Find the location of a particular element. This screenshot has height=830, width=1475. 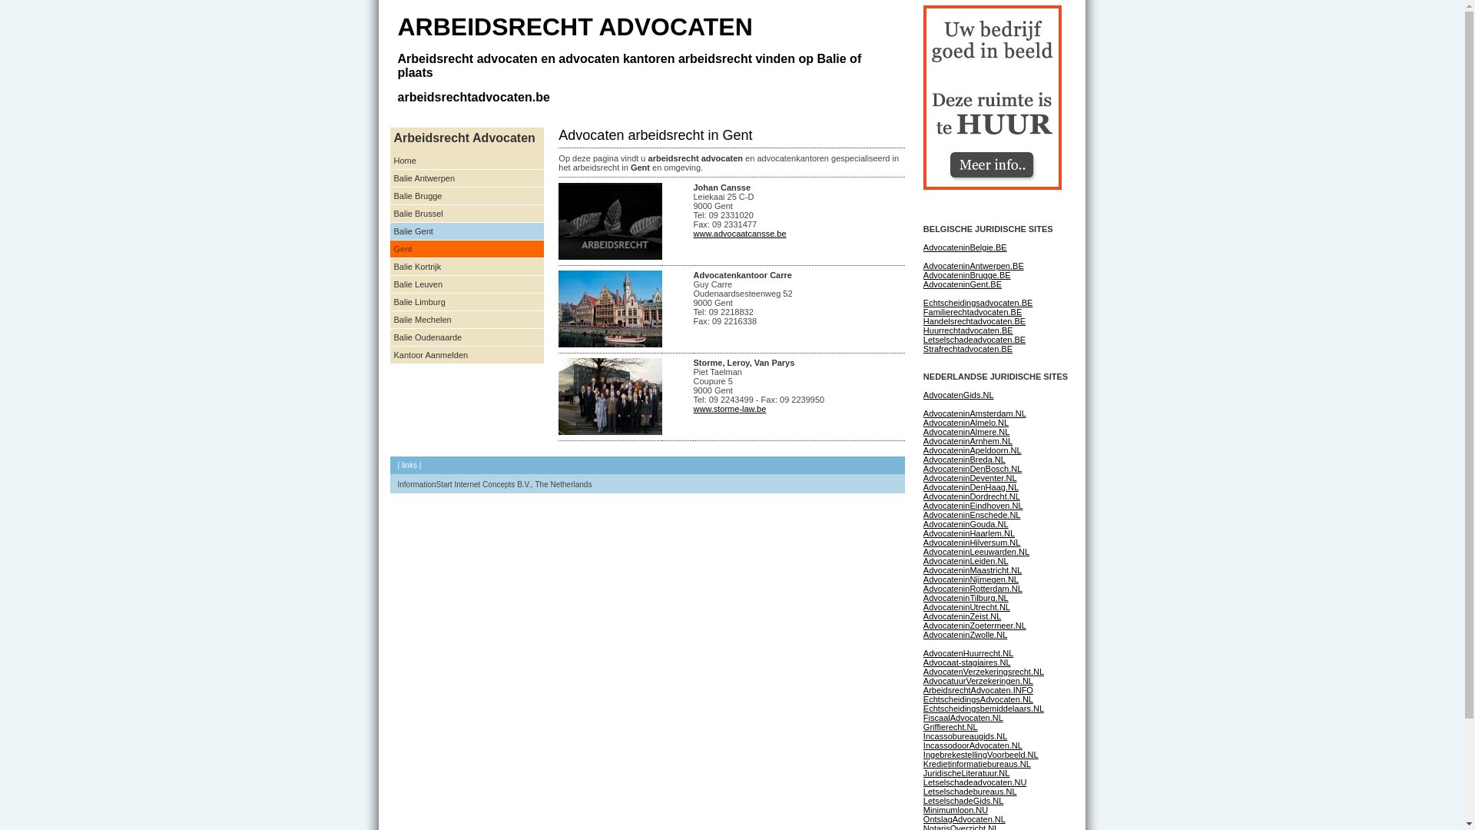

'Balie Gent' is located at coordinates (466, 231).